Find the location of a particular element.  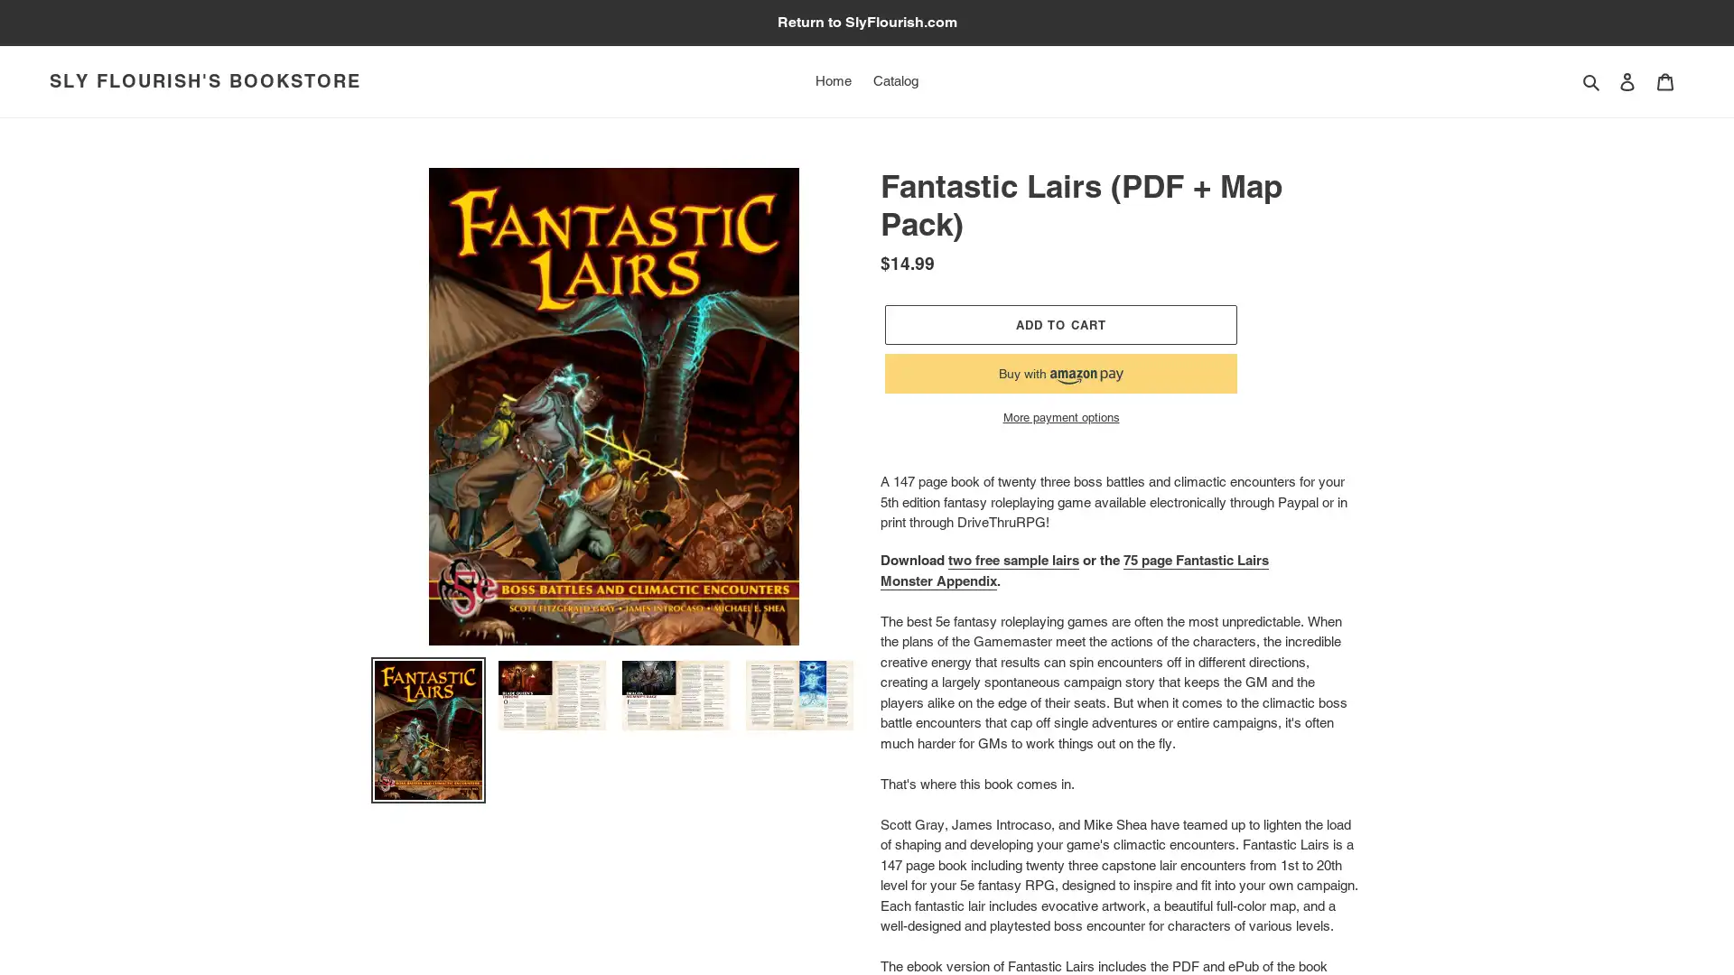

More payment options is located at coordinates (1061, 417).